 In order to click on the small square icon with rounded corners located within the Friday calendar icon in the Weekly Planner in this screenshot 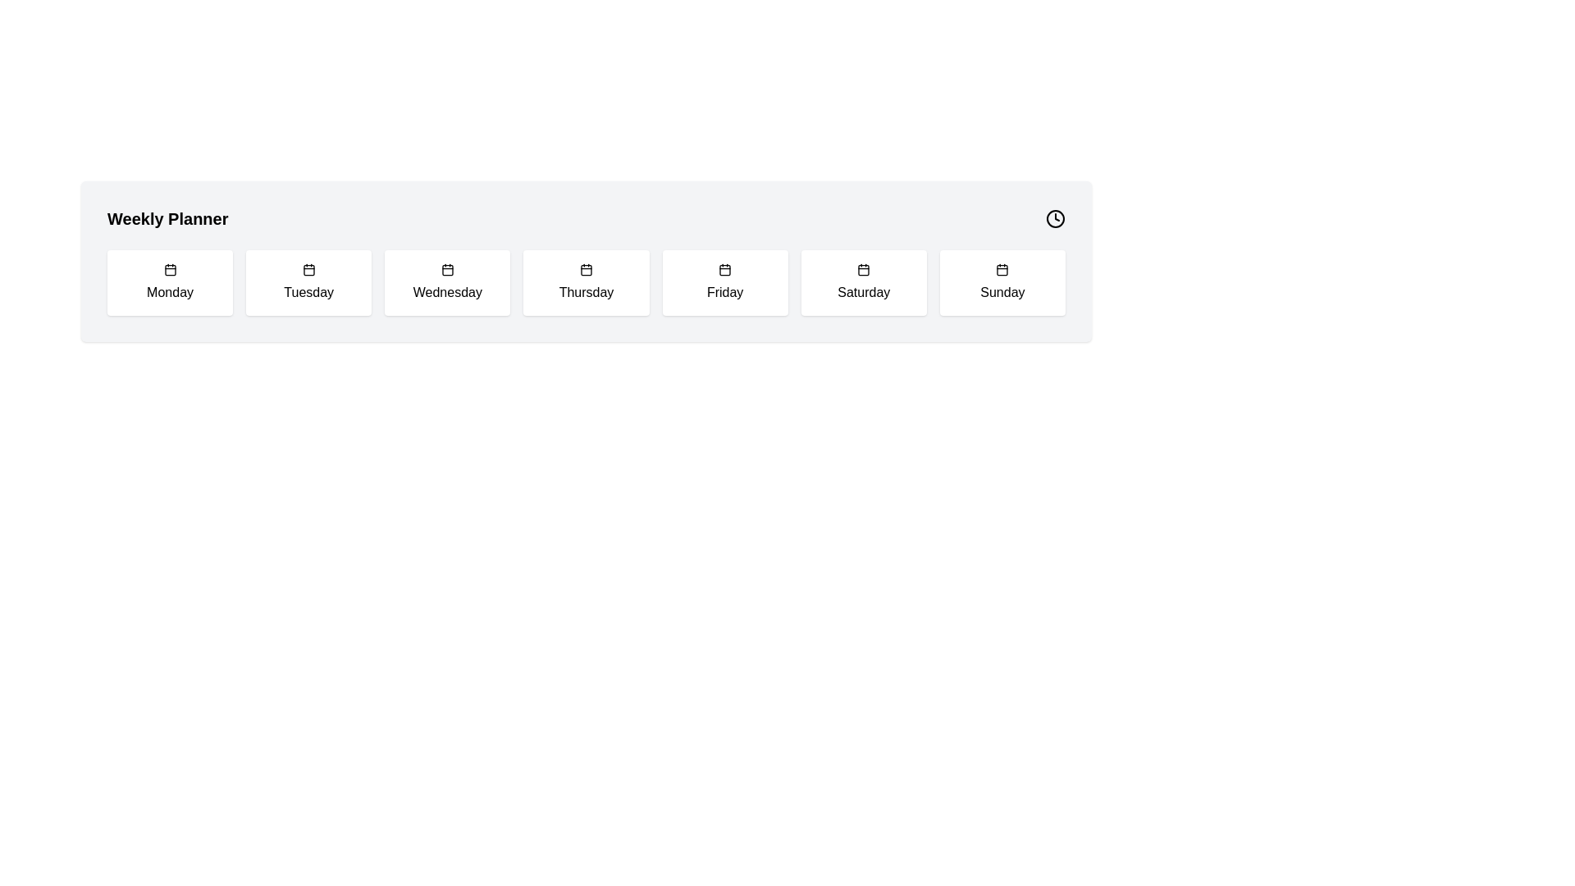, I will do `click(724, 269)`.